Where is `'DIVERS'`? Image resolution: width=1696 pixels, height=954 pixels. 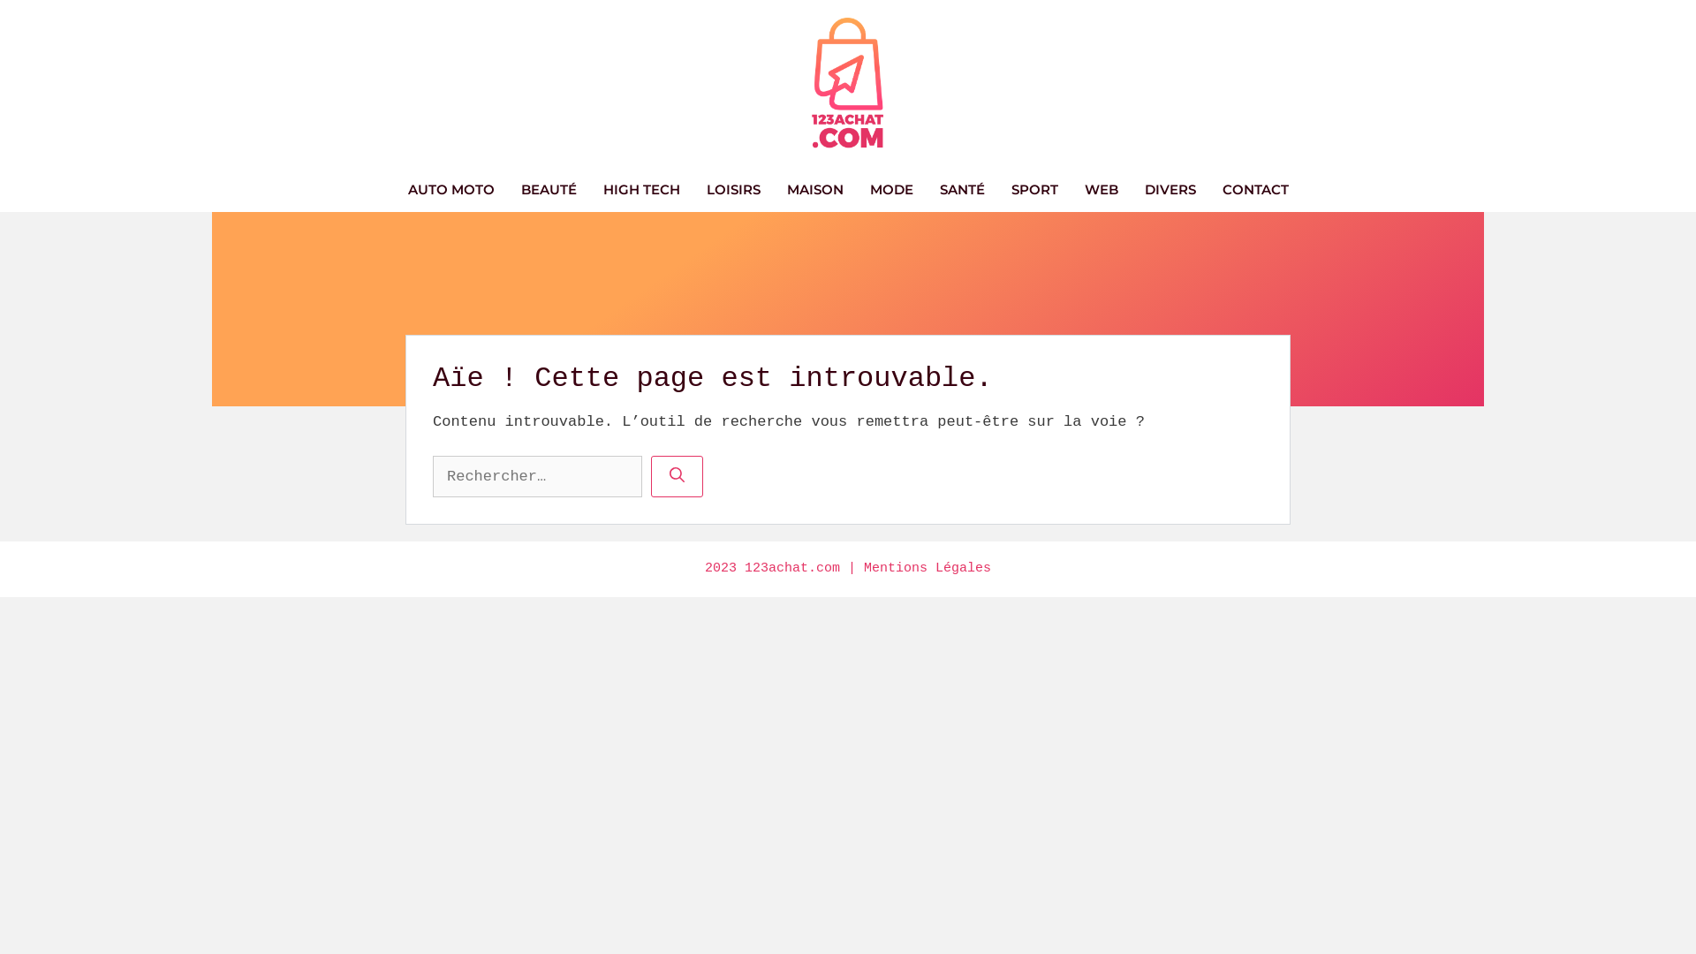 'DIVERS' is located at coordinates (1170, 190).